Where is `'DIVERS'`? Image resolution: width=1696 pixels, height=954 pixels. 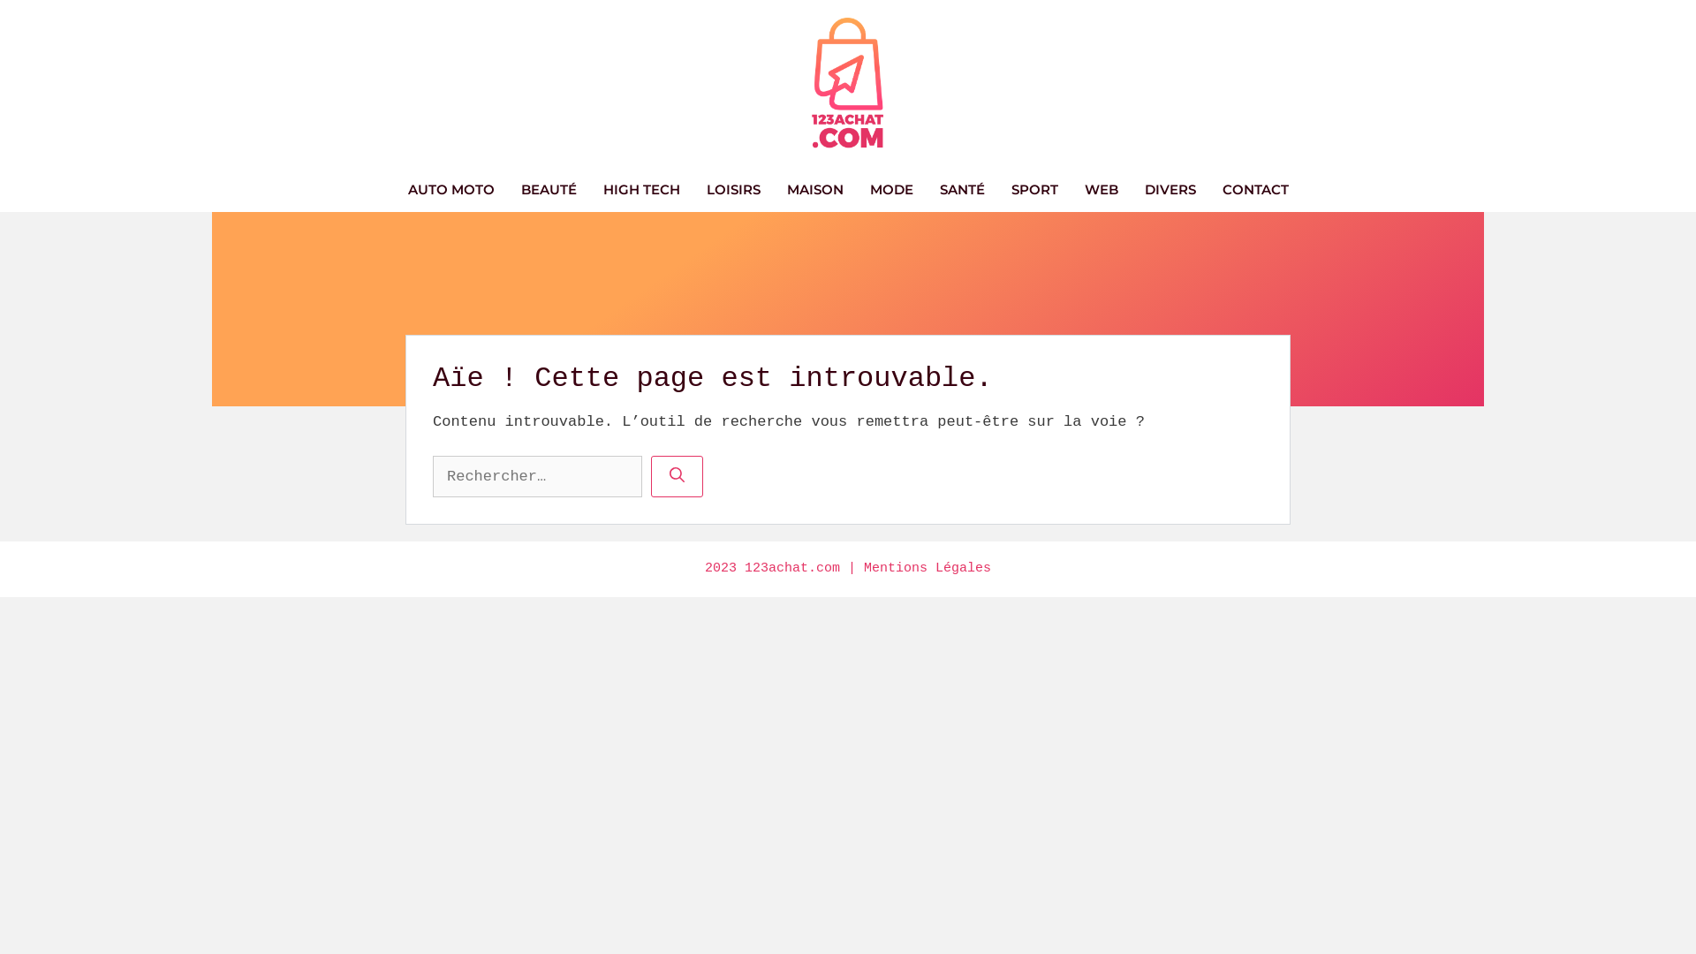 'DIVERS' is located at coordinates (1170, 190).